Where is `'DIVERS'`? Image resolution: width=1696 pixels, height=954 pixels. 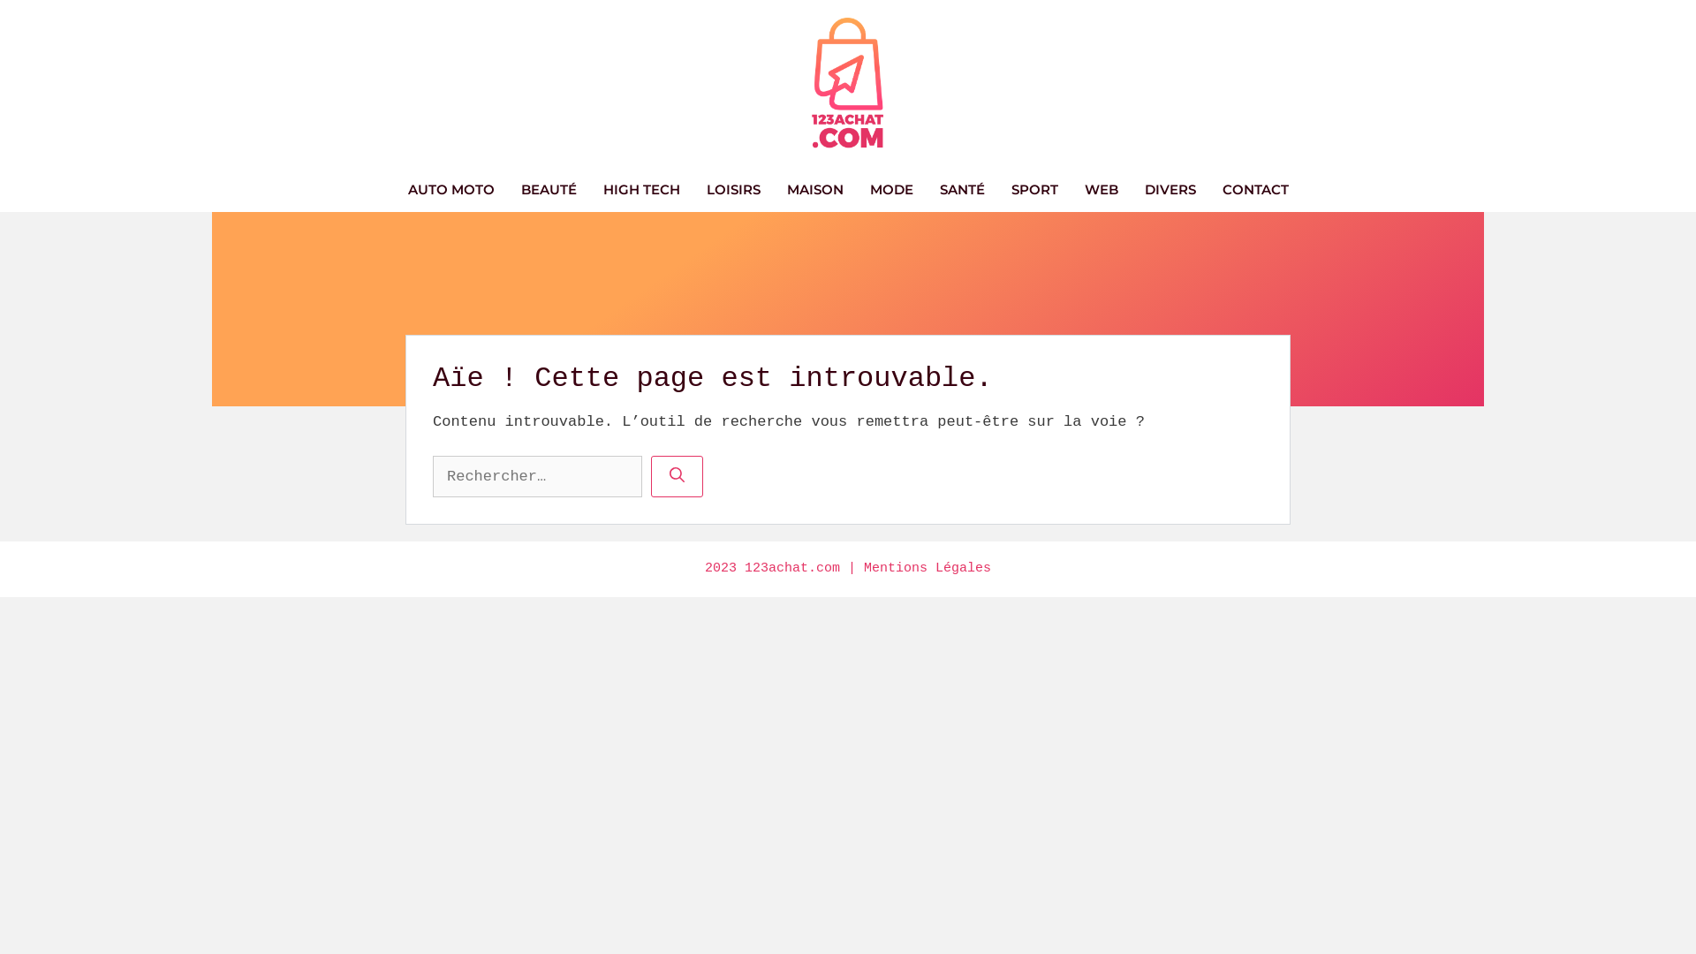 'DIVERS' is located at coordinates (1170, 190).